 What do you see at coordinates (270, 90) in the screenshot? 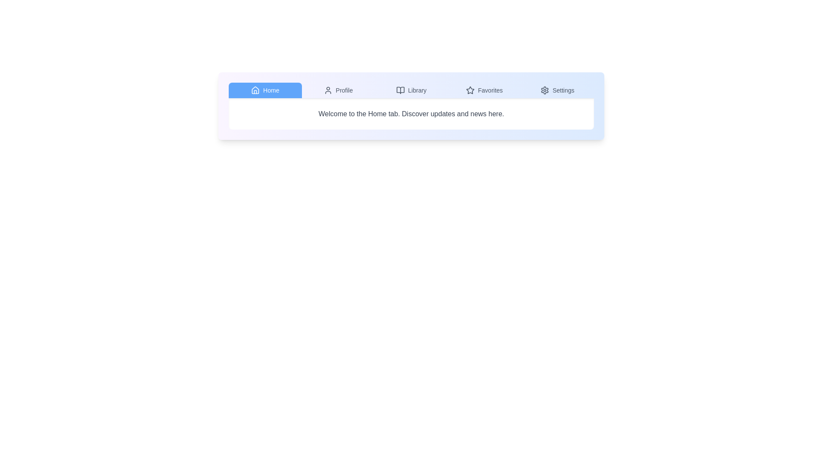
I see `the 'Home' text label in the navigation button, which is styled in white text against a blue background and located to the right of a house icon` at bounding box center [270, 90].